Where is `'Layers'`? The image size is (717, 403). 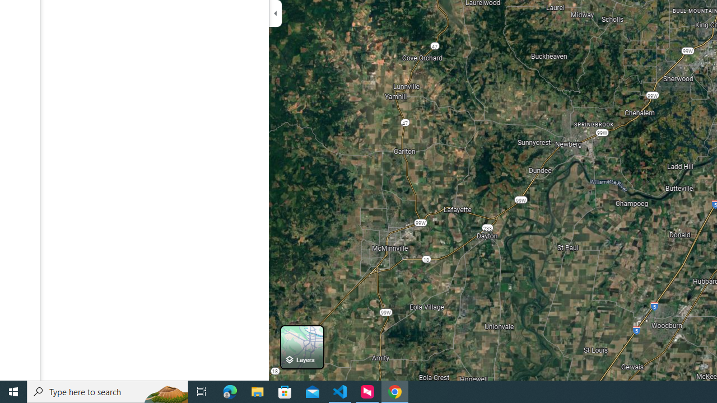 'Layers' is located at coordinates (302, 346).